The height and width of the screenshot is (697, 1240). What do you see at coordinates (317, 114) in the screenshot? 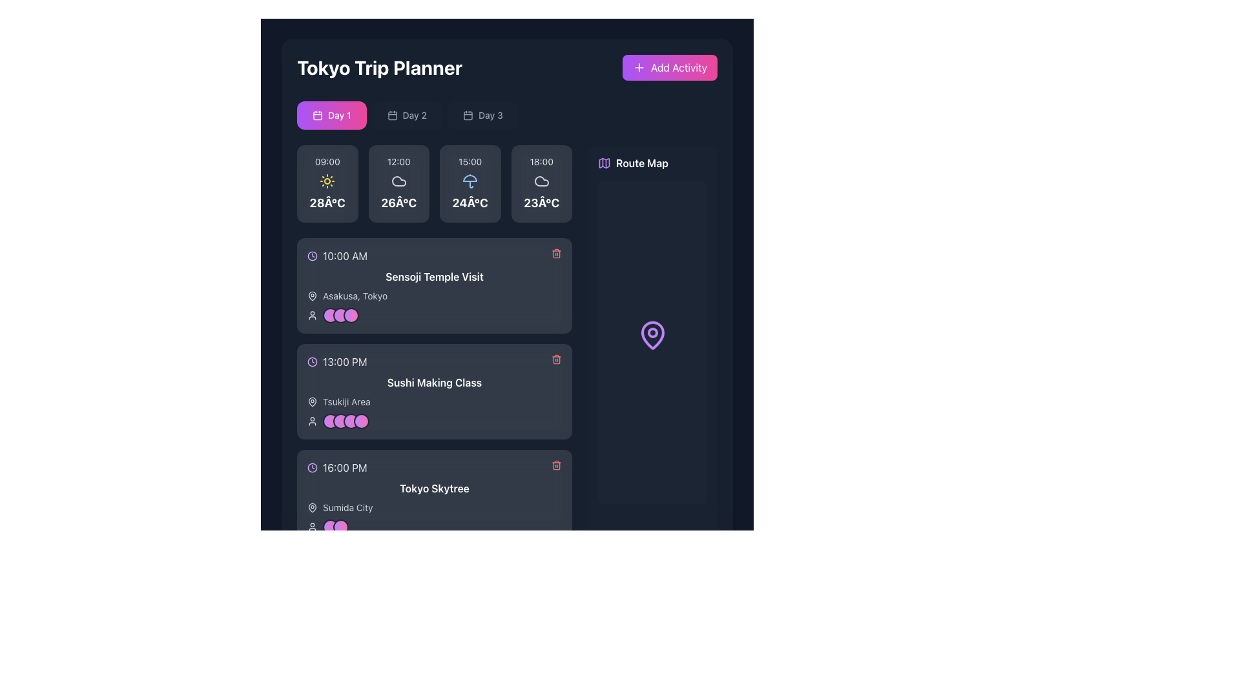
I see `the decorative calendar icon located to the left of the 'Day 1' button in the navigation tabs` at bounding box center [317, 114].